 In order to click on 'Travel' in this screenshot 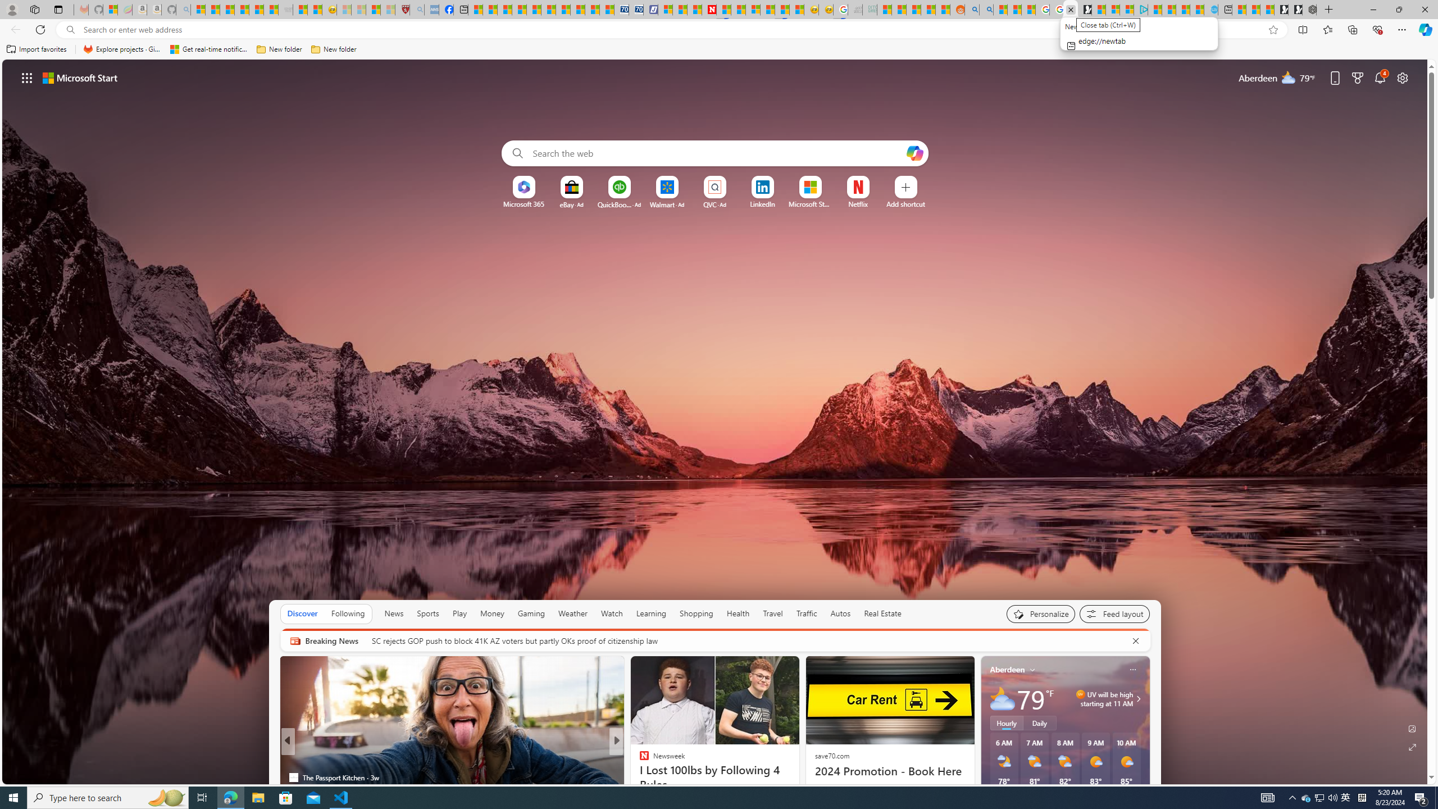, I will do `click(772, 613)`.